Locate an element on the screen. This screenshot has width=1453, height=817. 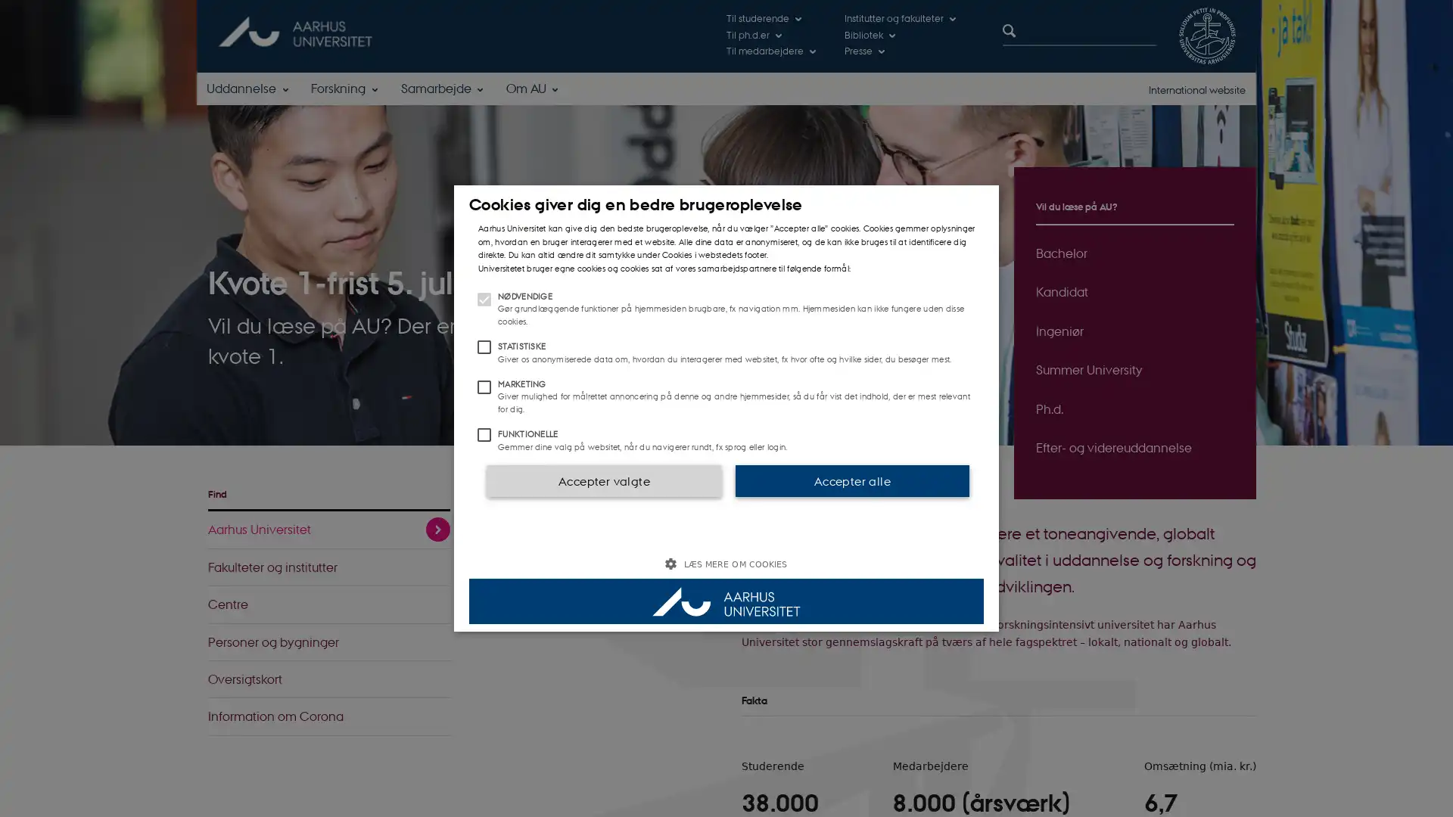
Cookies giver dig en bedre brugeroplevelse Aarhus Universitet kan give dig den bedste brugeroplevelse, nar du vlger Accepter alle cookies. Cookies gemmer oplysninger om, hvordan en bruger interagerer med et website. Alle dine data er anonymiseret, og de kan ikke bruges til at identificere dig direkte. Du kan altid ndre dit samtykke under Cookies i webstedets footer. Universitetet bruger egne cookies og cookies sat af vores samarbejdspartnere til flgende formal: NDVENDIGE Gr grundlggende funktioner pa hjemmesiden brugbare, fx navigation mm. Hjemmesiden kan ikke fungere uden disse cookies. STATISTISKE Giver os anonymiserede data om, hvordan du interagerer med websitet, fx hvor ofte og hvilke sider, du besger mest. MARKETING Giver mulighed for malrettet annoncering pa denne og andre hjemmesider, sa du far vist det indhold, der er mest relevant for dig. FUNKTIONELLE Gemmer dine valg pa websitet, nar du navigerer rundt, fx sprog eller login. Accepter alle Accepter valgte LS MERE OM COOKIES LISTE OVER COOKIES COOKIEPOLITIK Ndvendige Statistiske Marketing Funktionelle Ndvendige cookies hjlper med at gre hjemmesiden brugbar ved at aktivere nogle grundlggende funktioner som navigation mm. Hjemmesiden kan ikke fungerer uden disse cookies. Disse cookies hjlper Aarhus Universitet med at forsta, hvordan du interagerer med websitet. Vi bruger denne information til at forbedre vores website. Alle informationer indhentes anonymt. Disse cookies hjlper Aarhus Universitet med at malrette annoncering og vise det indhold, der er mest relevant for dig. Disse cookies gemmer dine valg pa websitet, fx valg af sprog eller login. is located at coordinates (726, 408).